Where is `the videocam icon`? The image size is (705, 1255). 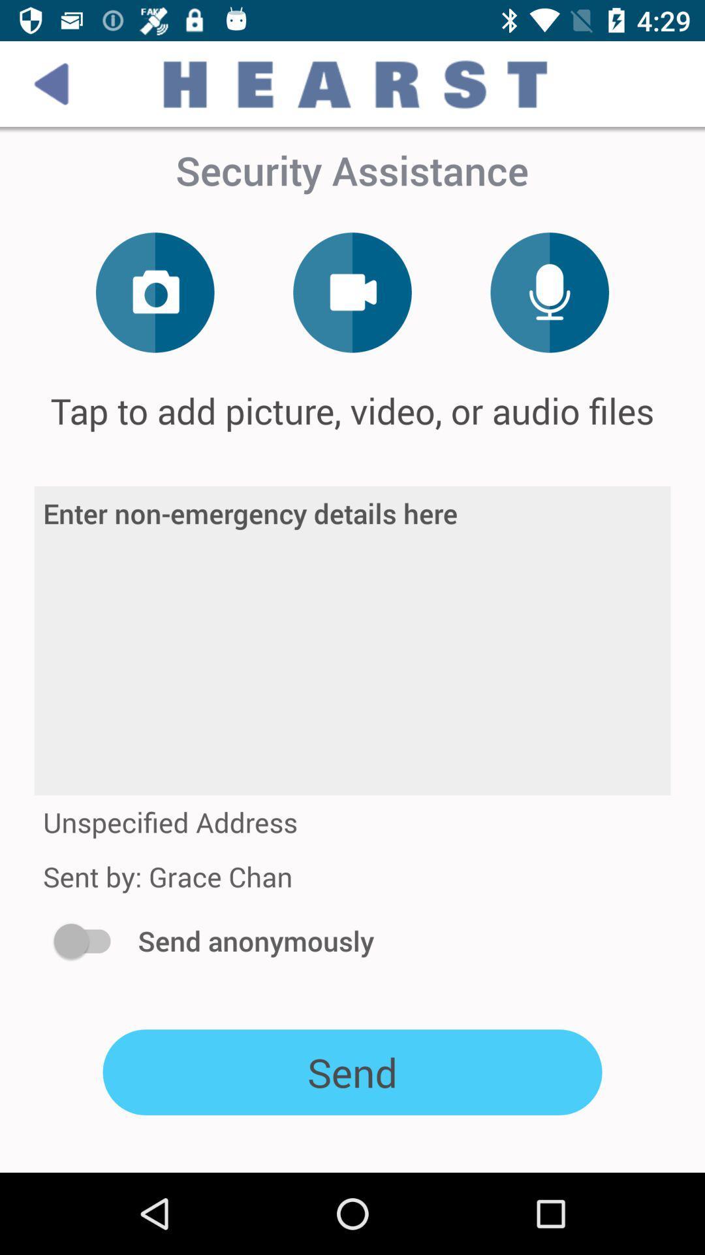 the videocam icon is located at coordinates (352, 292).